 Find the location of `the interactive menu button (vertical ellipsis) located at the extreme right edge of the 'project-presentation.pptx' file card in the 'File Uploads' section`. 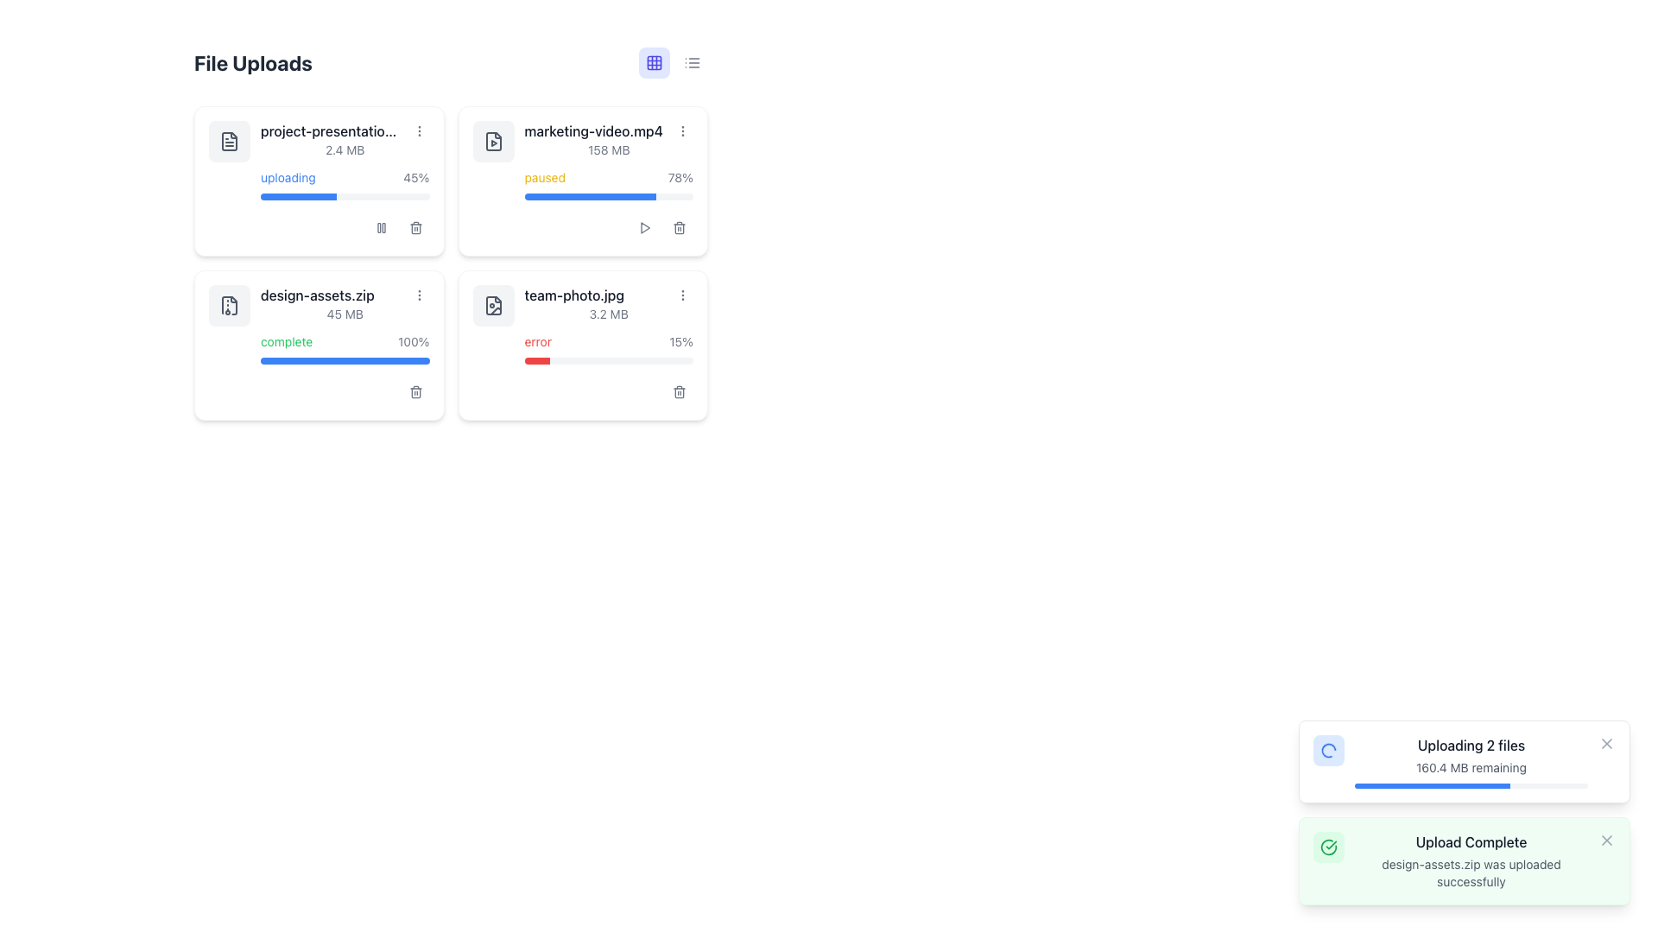

the interactive menu button (vertical ellipsis) located at the extreme right edge of the 'project-presentation.pptx' file card in the 'File Uploads' section is located at coordinates (419, 130).